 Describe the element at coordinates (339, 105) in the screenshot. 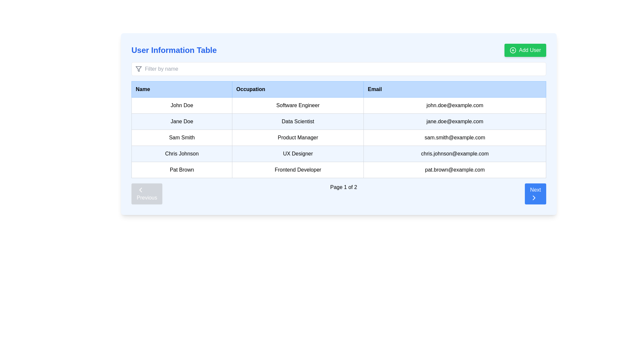

I see `the first row of the table that displays 'John Doe', 'Software Engineer', and 'john.doe@example.com'` at that location.